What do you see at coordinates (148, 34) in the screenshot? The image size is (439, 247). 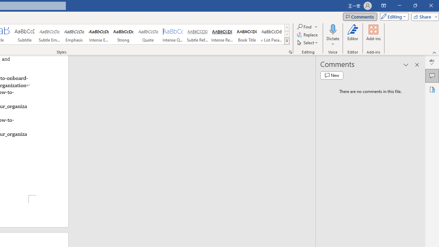 I see `'Quote'` at bounding box center [148, 34].